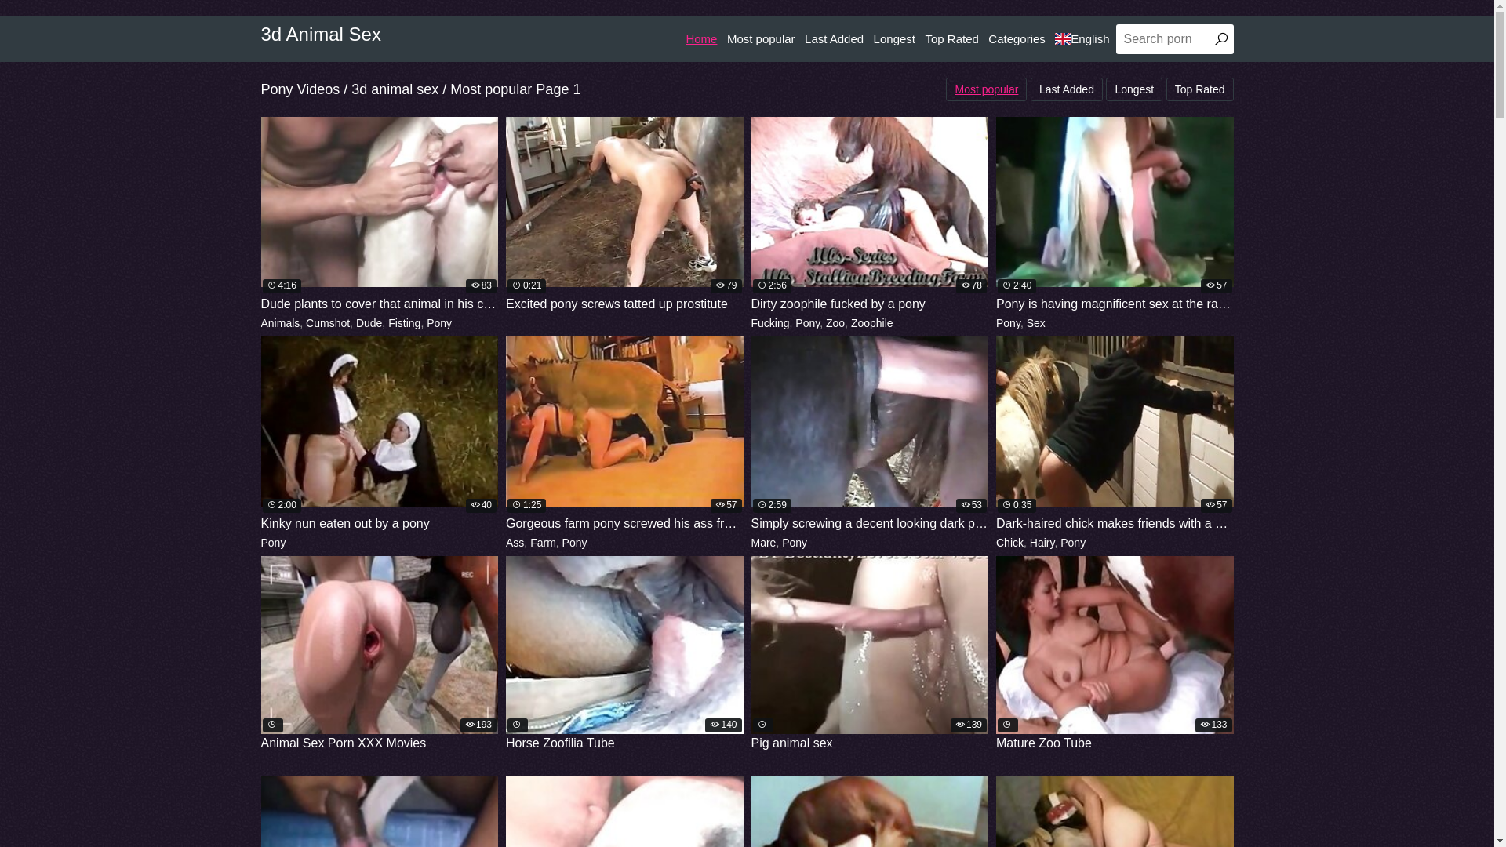 This screenshot has width=1506, height=847. What do you see at coordinates (869, 654) in the screenshot?
I see `'139` at bounding box center [869, 654].